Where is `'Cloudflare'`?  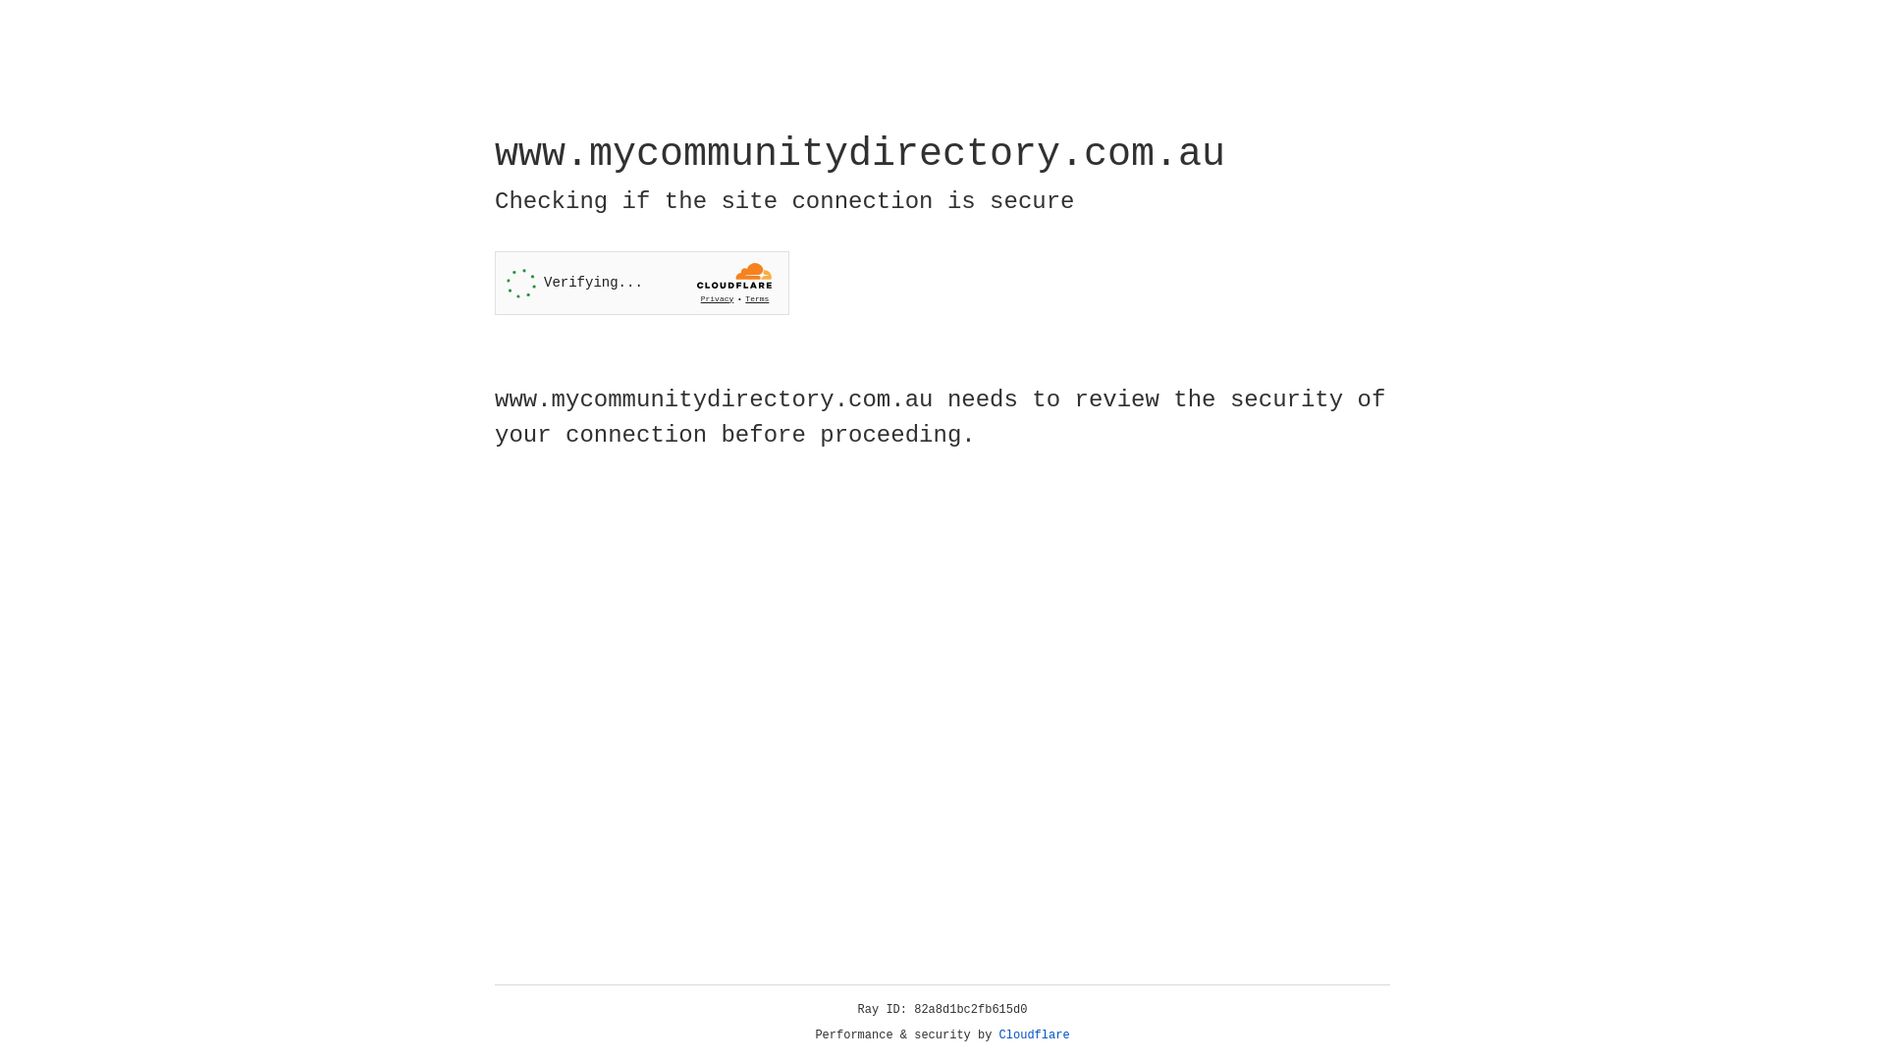
'Cloudflare' is located at coordinates (1034, 1034).